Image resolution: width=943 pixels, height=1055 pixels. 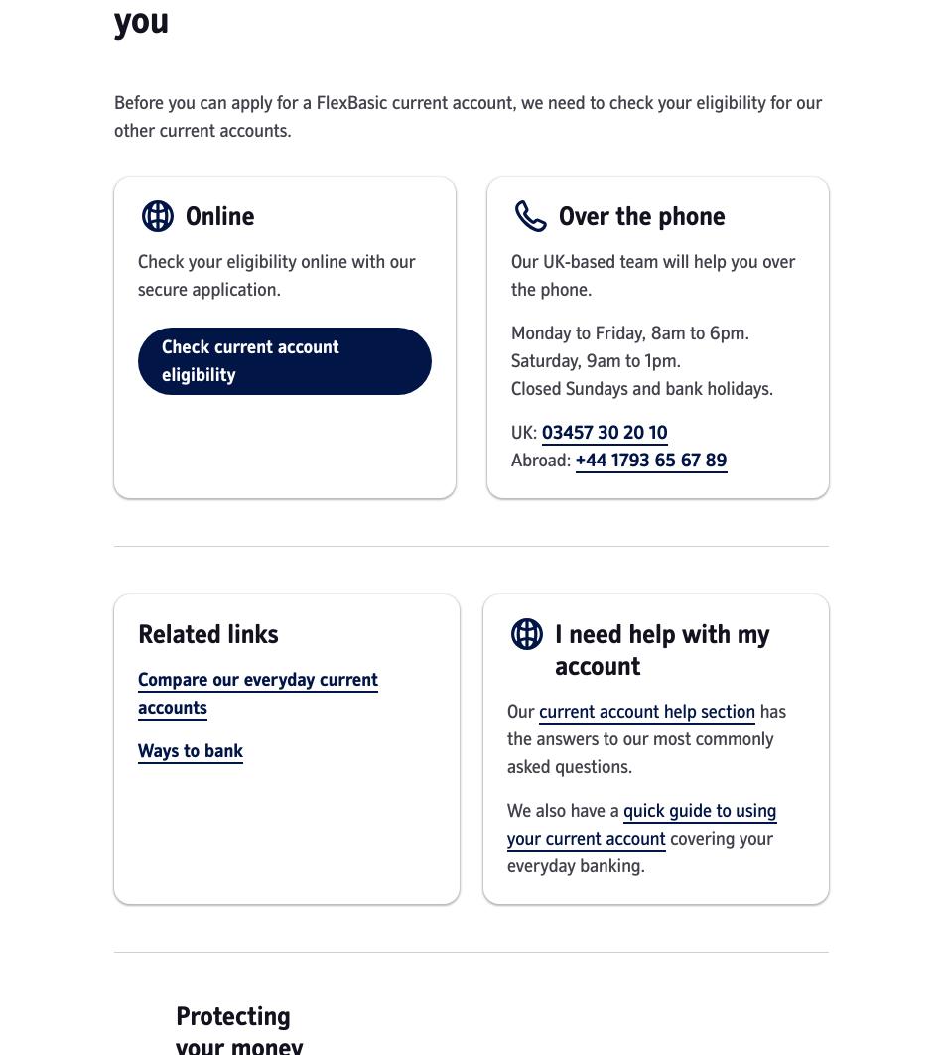 What do you see at coordinates (275, 275) in the screenshot?
I see `'Check your eligibility online with our secure application.'` at bounding box center [275, 275].